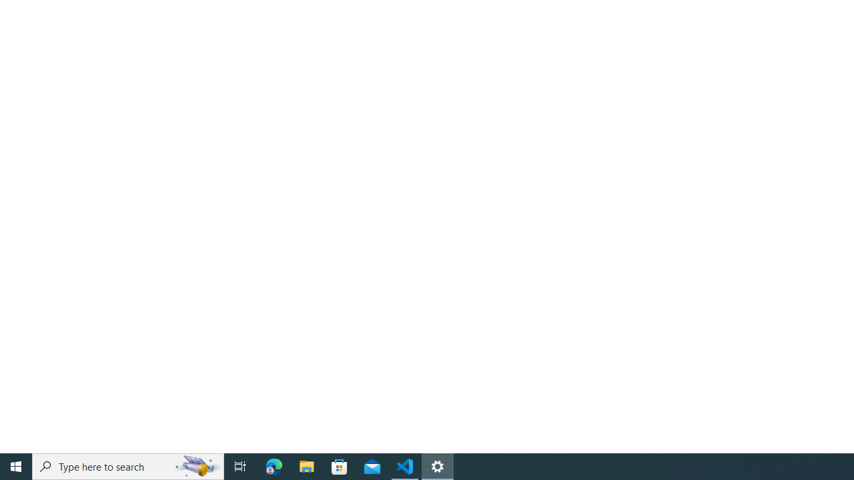  What do you see at coordinates (306, 465) in the screenshot?
I see `'File Explorer'` at bounding box center [306, 465].